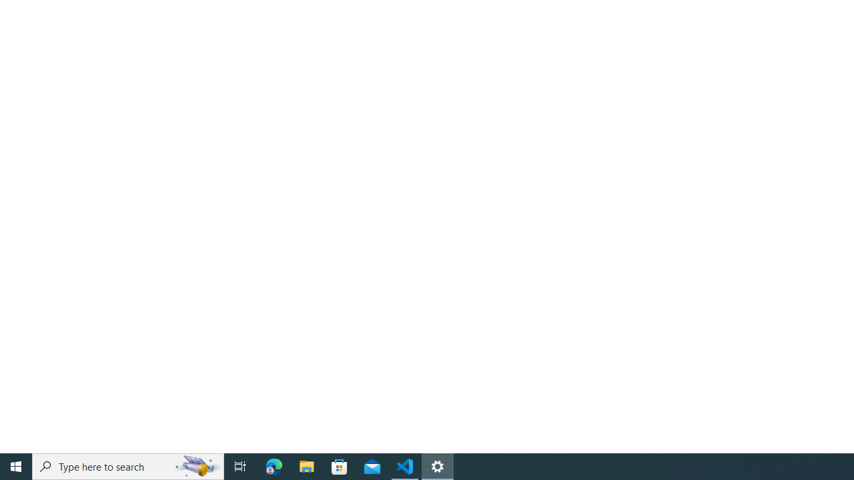  What do you see at coordinates (306, 465) in the screenshot?
I see `'File Explorer'` at bounding box center [306, 465].